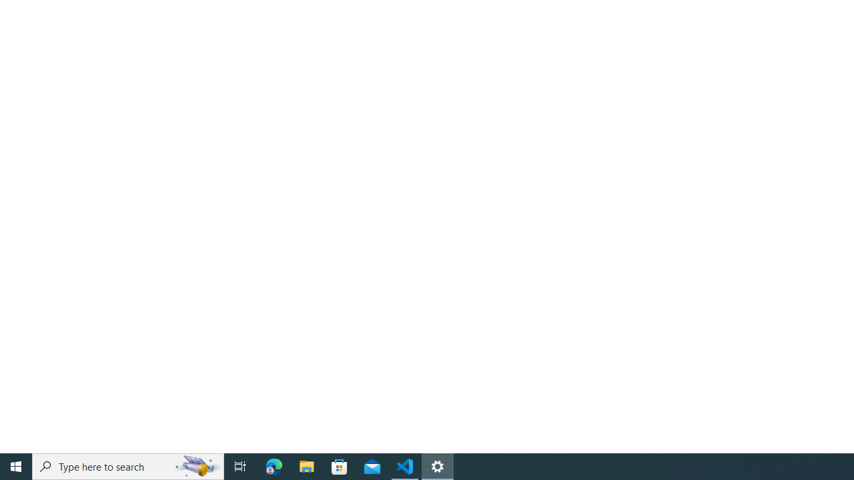  What do you see at coordinates (306, 465) in the screenshot?
I see `'File Explorer'` at bounding box center [306, 465].